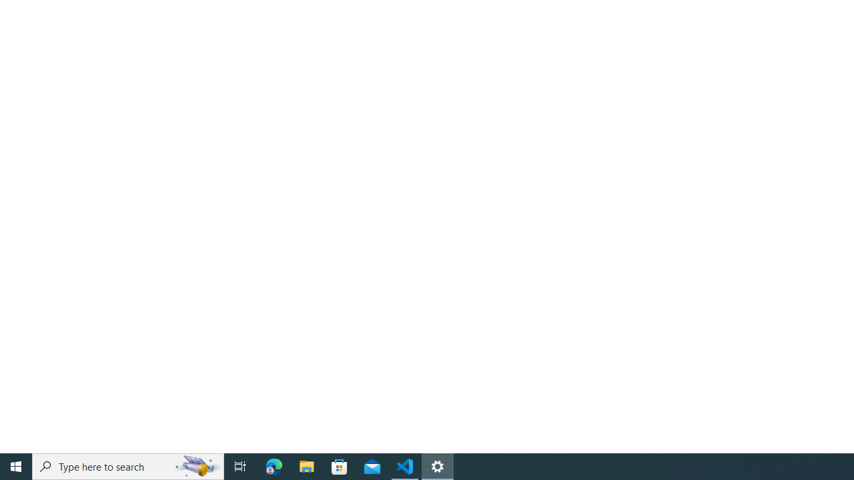  What do you see at coordinates (306, 465) in the screenshot?
I see `'File Explorer'` at bounding box center [306, 465].